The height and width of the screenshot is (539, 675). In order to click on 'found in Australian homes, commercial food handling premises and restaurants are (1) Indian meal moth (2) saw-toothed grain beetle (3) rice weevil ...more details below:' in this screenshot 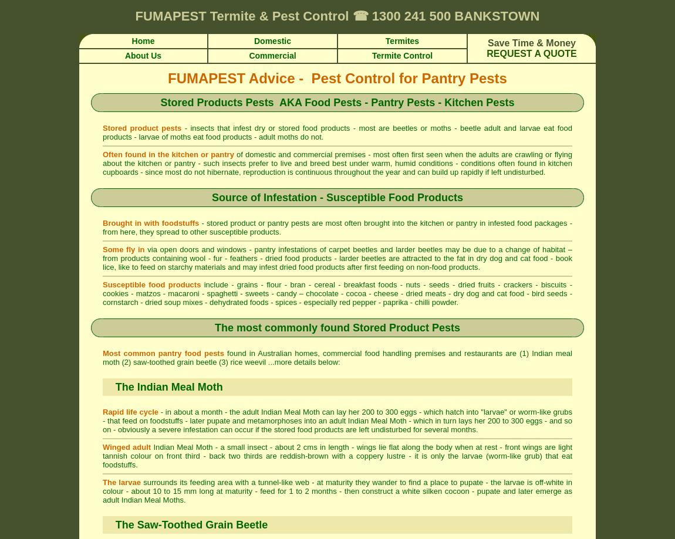, I will do `click(102, 358)`.